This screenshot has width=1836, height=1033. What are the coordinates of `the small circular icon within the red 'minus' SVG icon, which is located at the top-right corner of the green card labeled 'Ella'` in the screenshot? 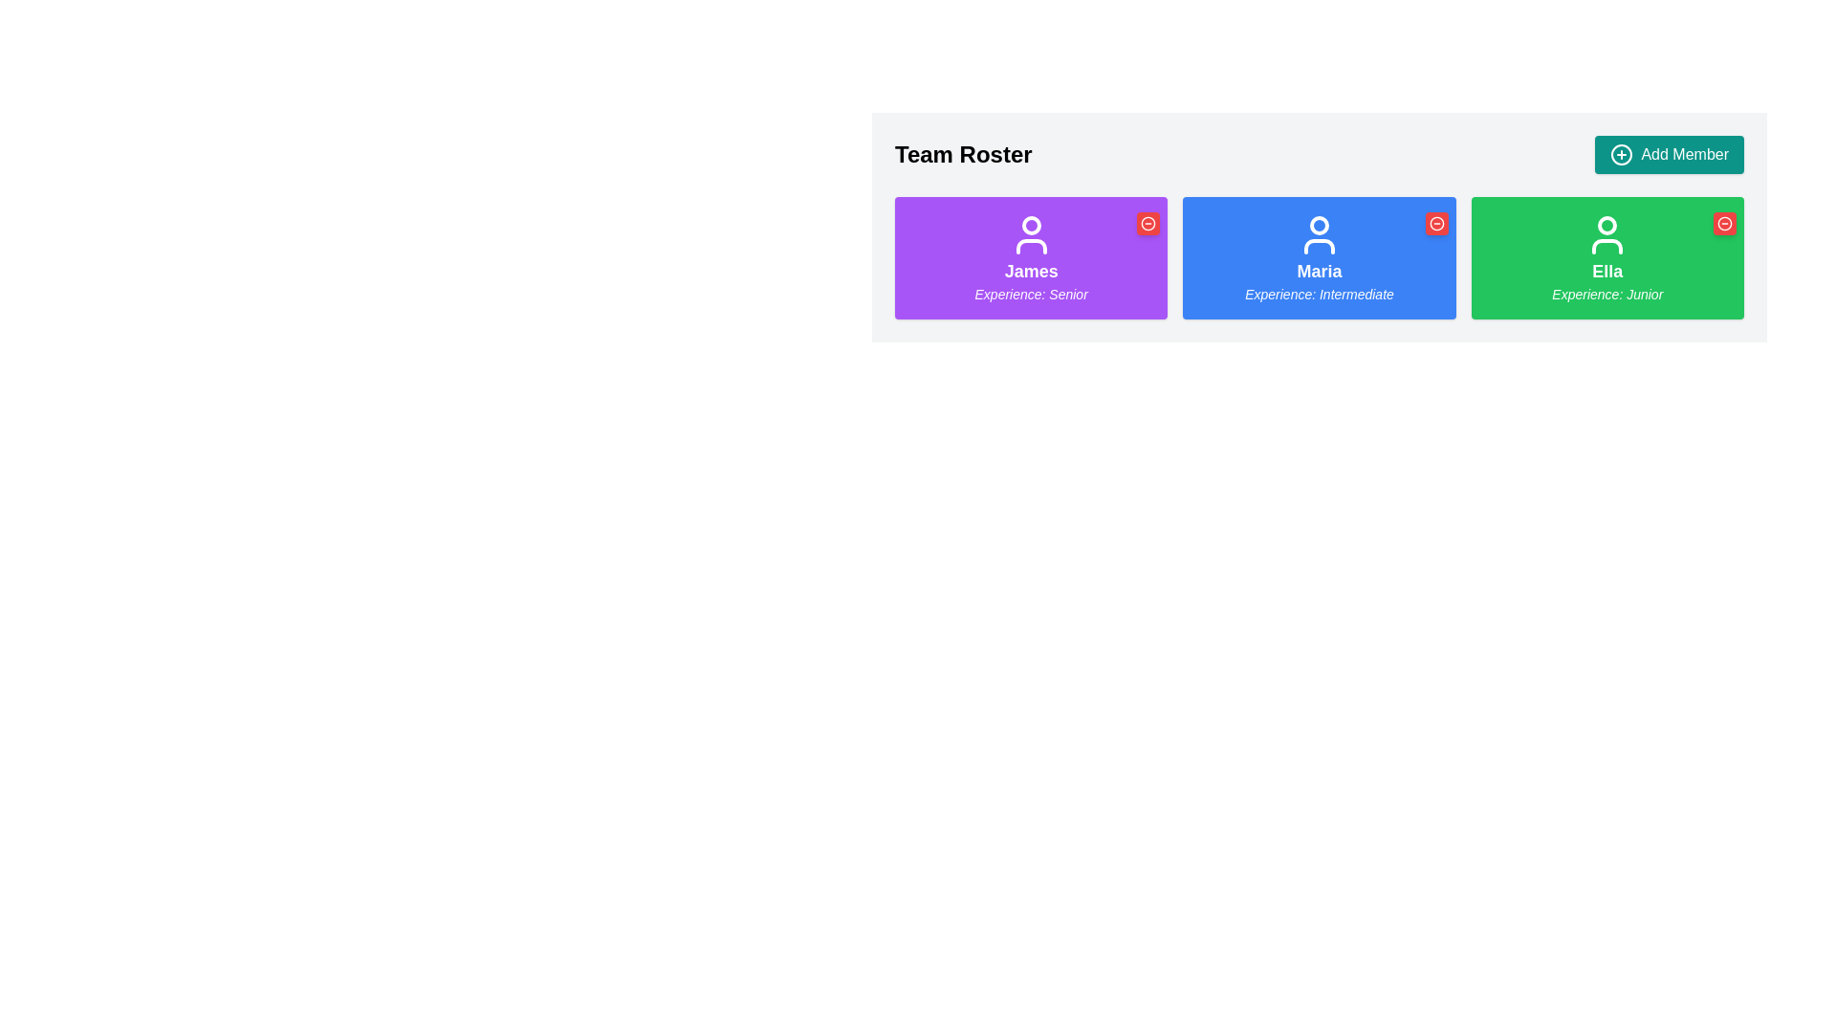 It's located at (1725, 223).